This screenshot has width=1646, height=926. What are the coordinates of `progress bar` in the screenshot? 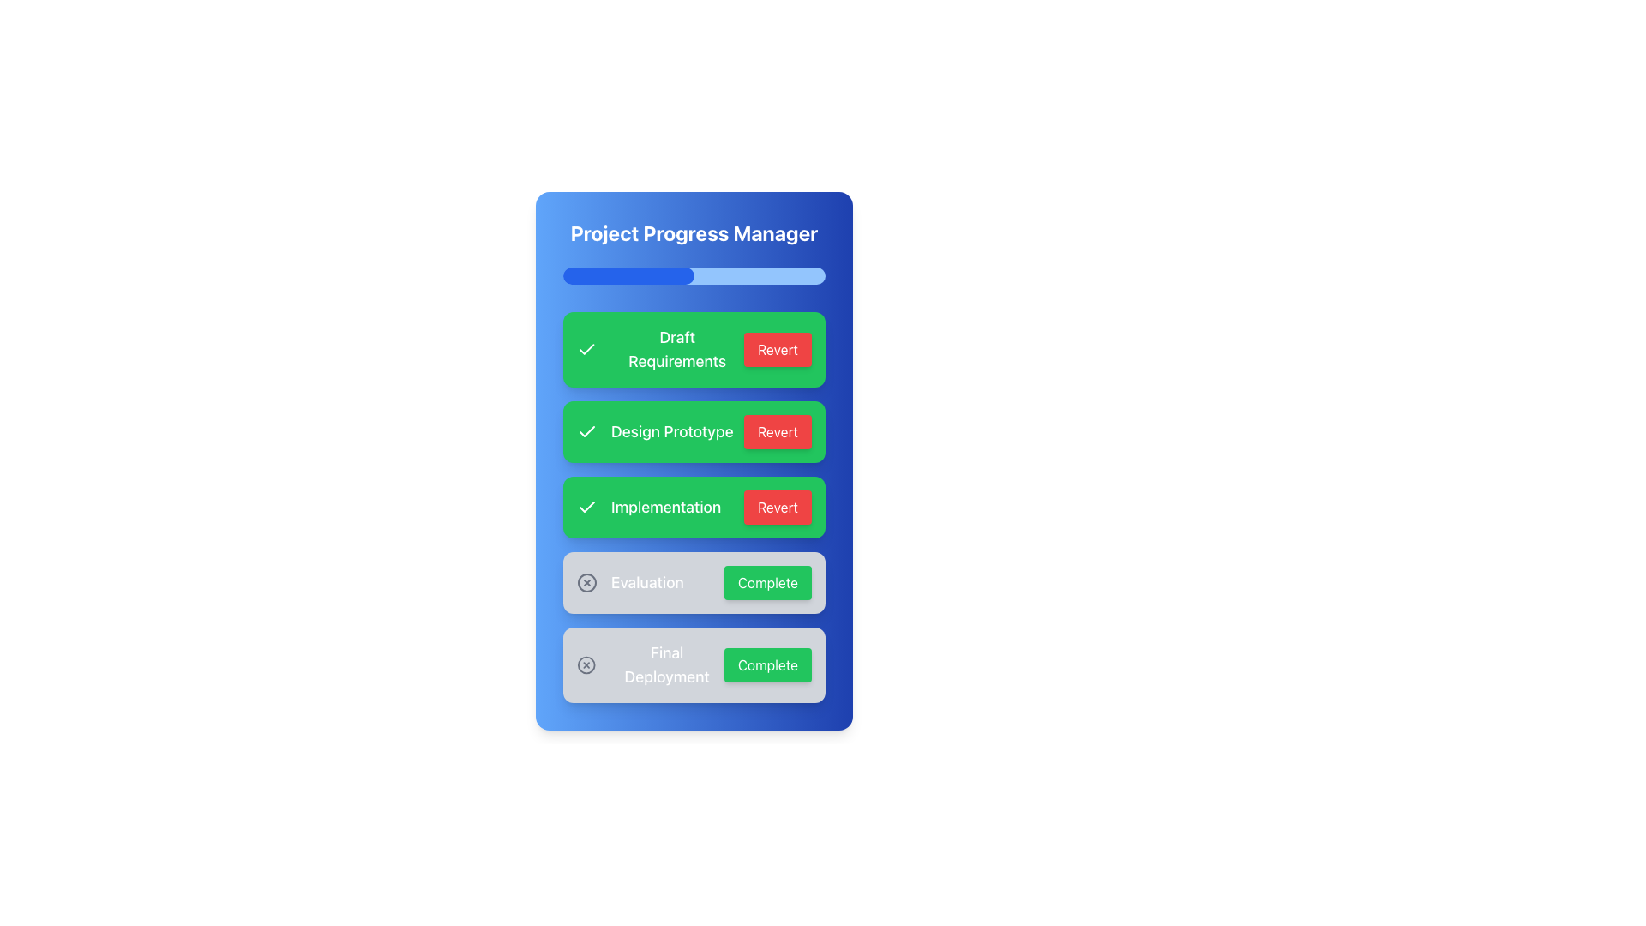 It's located at (608, 274).